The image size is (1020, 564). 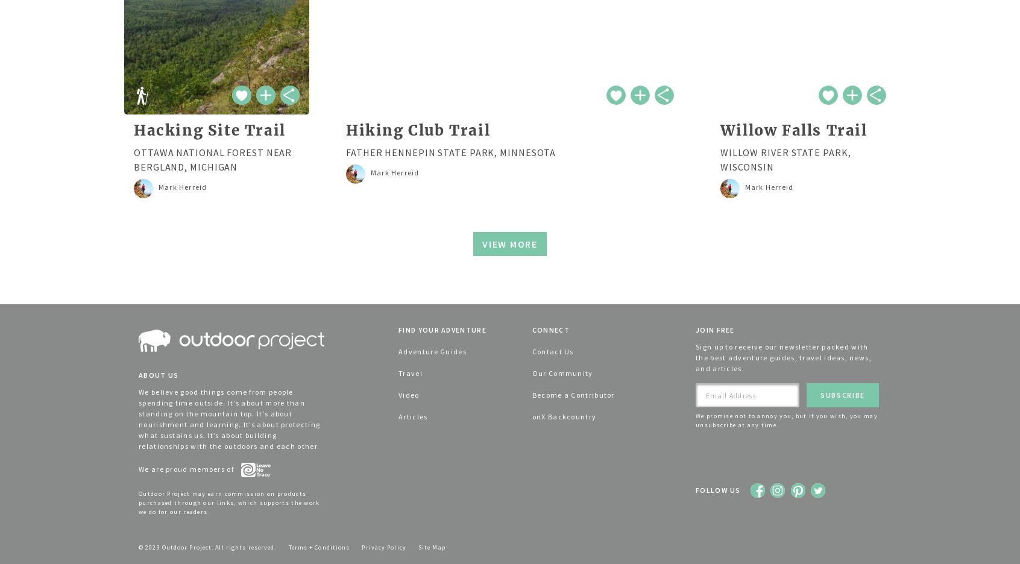 I want to click on 'We believe good things come from people spending time outside. It’s about more than standing on the mountain top. It’s about nourishment and learning. It’s about protecting what sustains us. It’s about building relationships with the outdoors and each other.', so click(x=229, y=418).